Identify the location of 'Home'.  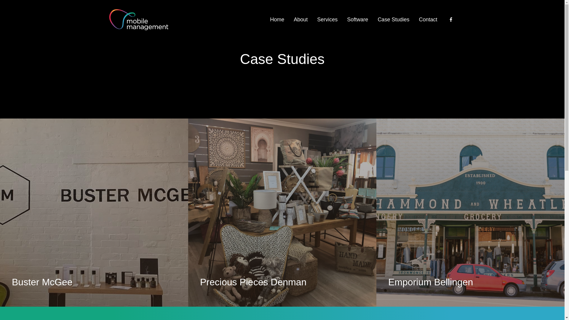
(277, 19).